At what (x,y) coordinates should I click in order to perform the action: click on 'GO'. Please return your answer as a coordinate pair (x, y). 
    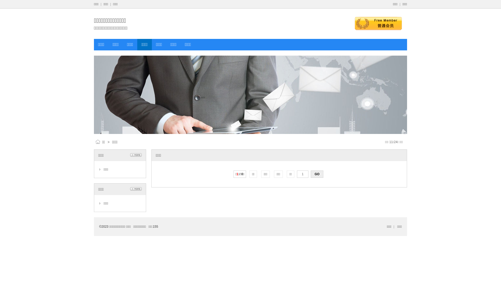
    Looking at the image, I should click on (311, 174).